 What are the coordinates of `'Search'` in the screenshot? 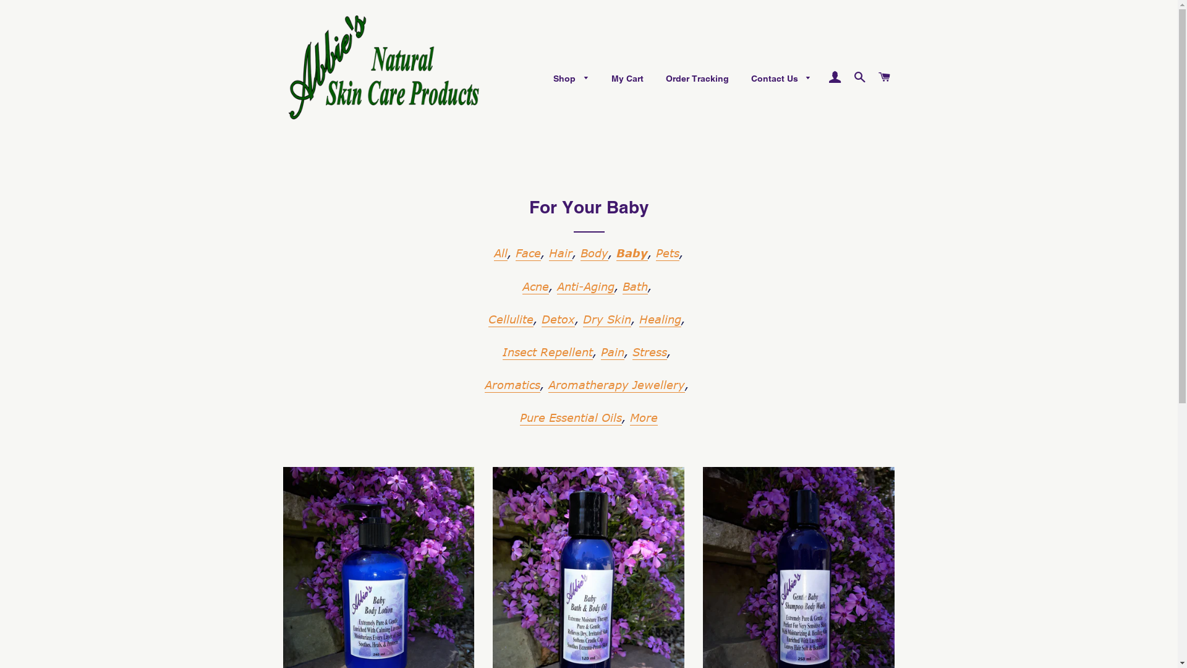 It's located at (859, 77).